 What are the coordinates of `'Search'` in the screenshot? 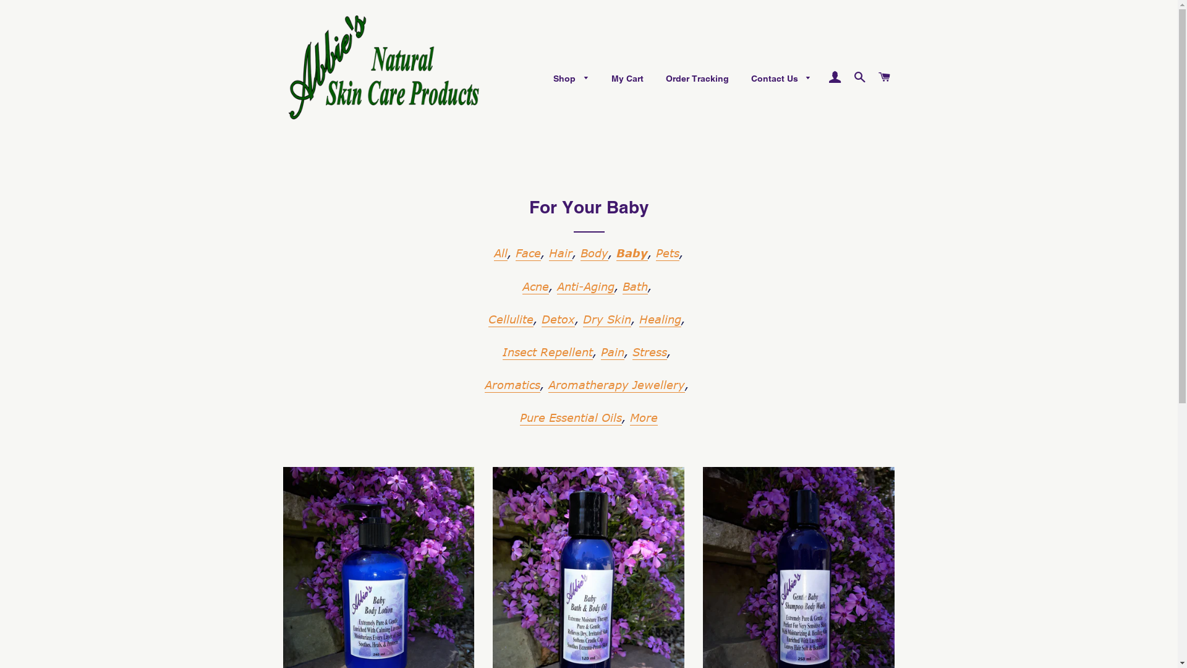 It's located at (859, 77).